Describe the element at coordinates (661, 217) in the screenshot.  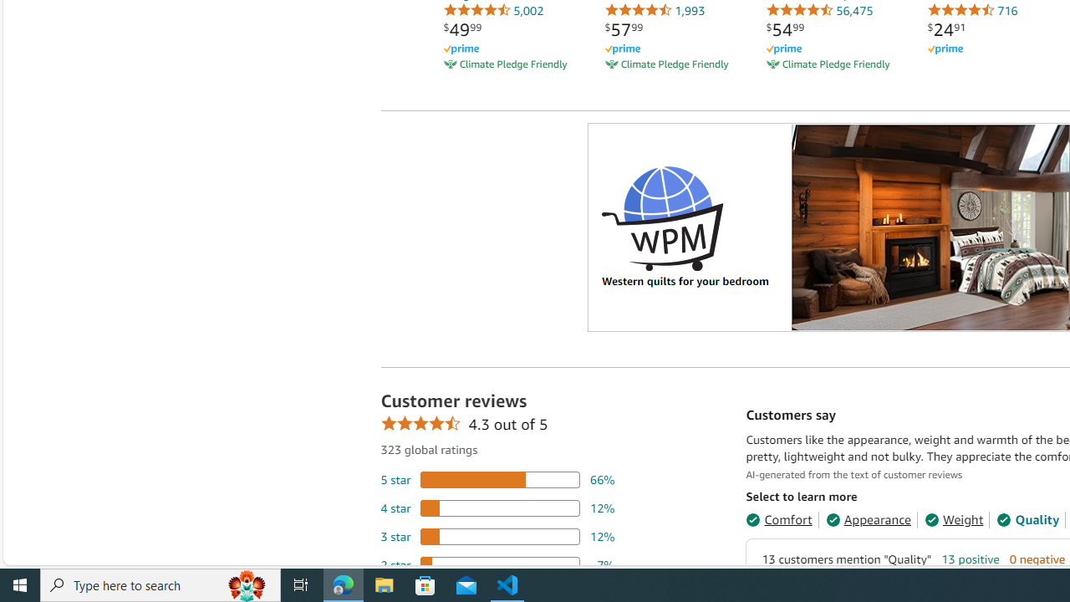
I see `'Logo'` at that location.